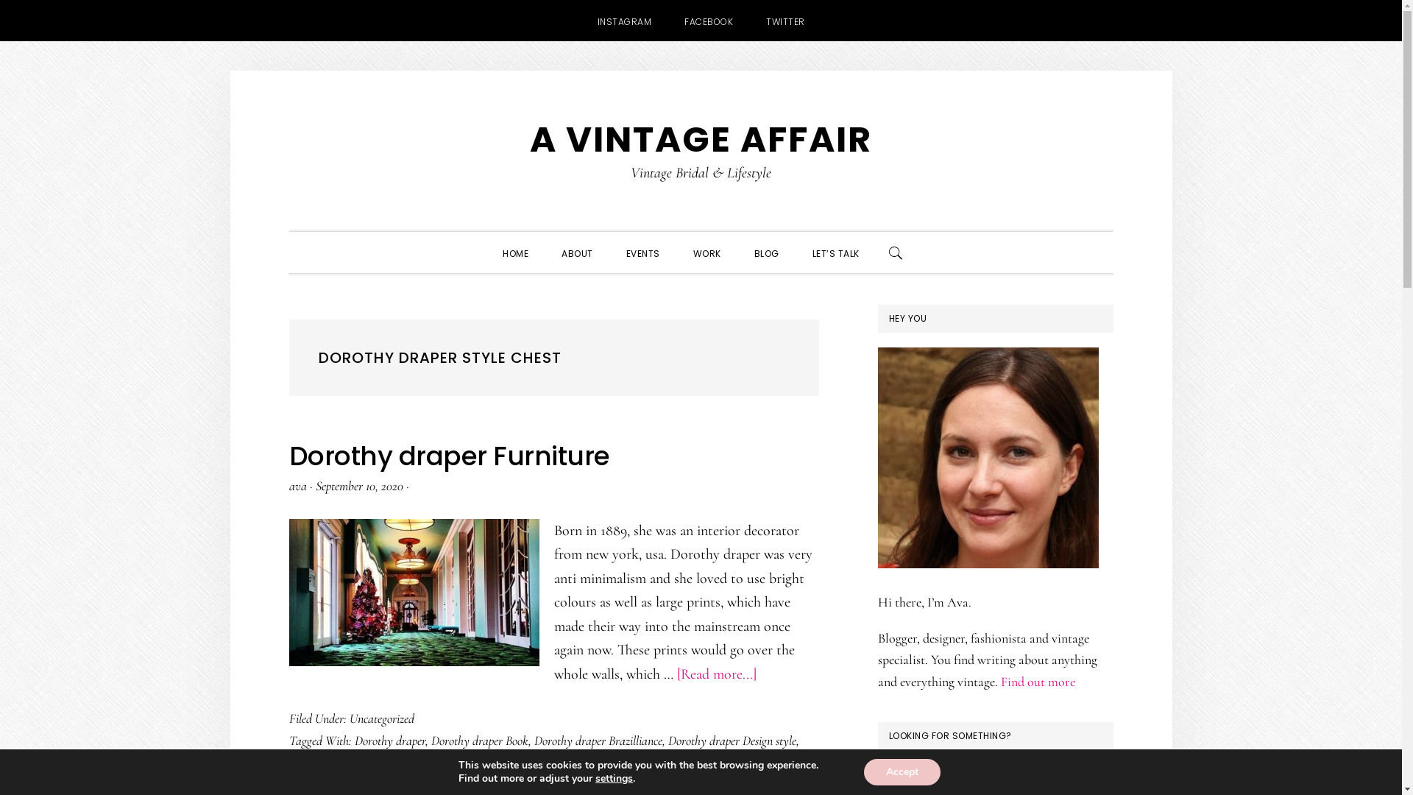 The image size is (1413, 795). What do you see at coordinates (732, 741) in the screenshot?
I see `'Dorothy draper Design style'` at bounding box center [732, 741].